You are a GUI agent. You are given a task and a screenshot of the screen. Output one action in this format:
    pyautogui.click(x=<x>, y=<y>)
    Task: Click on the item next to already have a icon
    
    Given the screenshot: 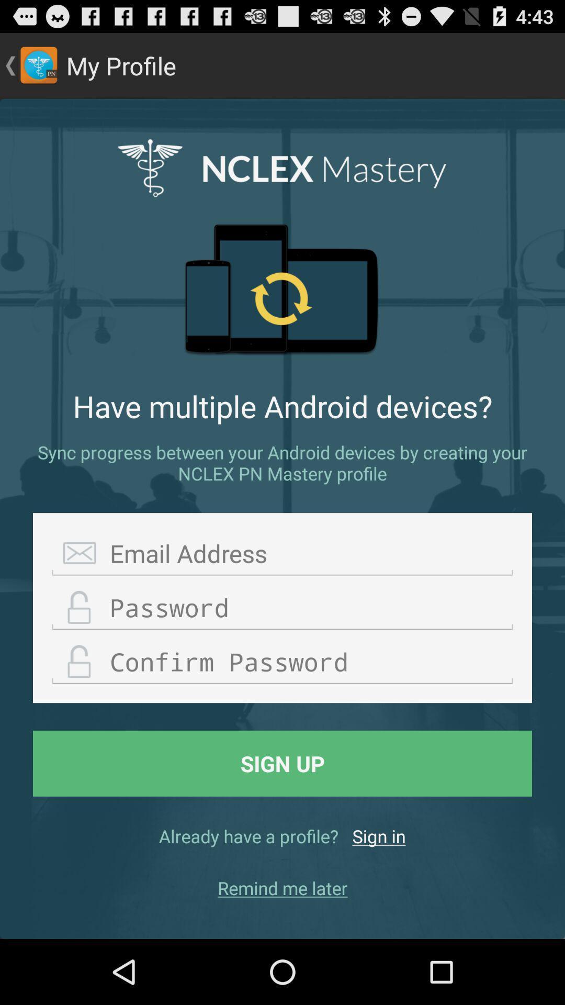 What is the action you would take?
    pyautogui.click(x=379, y=835)
    